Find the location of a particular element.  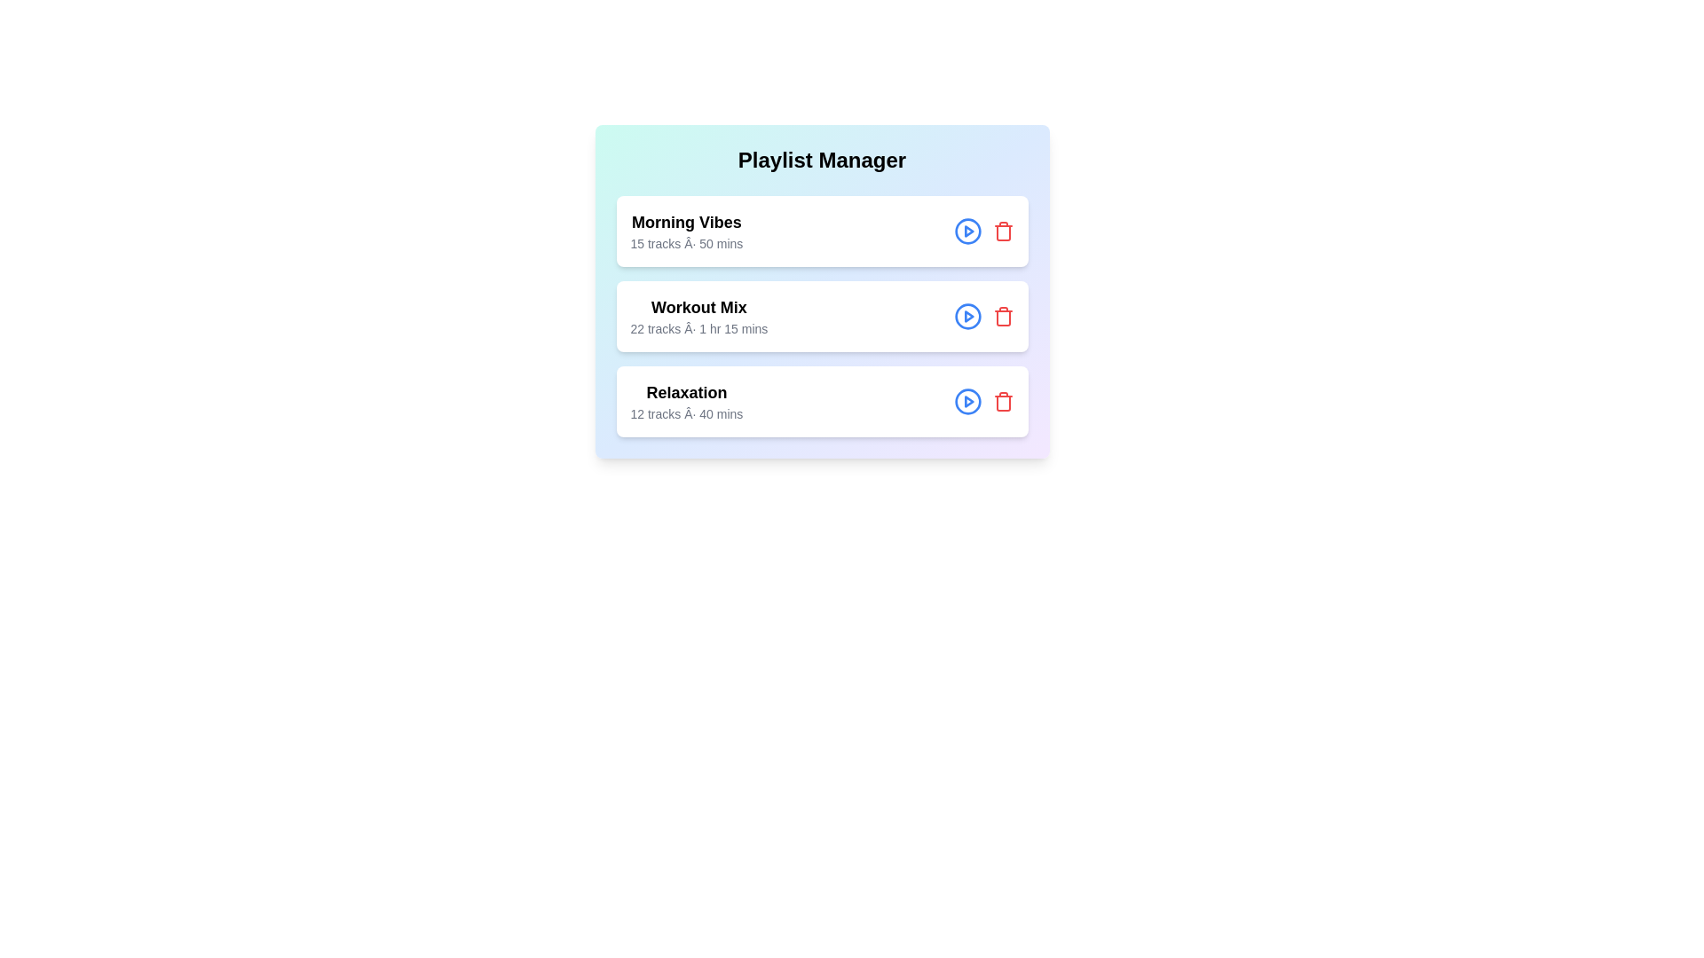

the delete button for the playlist titled 'Relaxation' is located at coordinates (1003, 401).